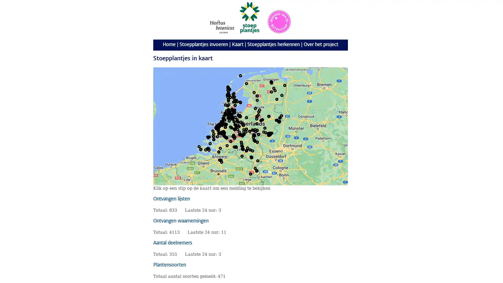  What do you see at coordinates (224, 132) in the screenshot?
I see `Telling van Wilem Harm op 09 februari 2022` at bounding box center [224, 132].